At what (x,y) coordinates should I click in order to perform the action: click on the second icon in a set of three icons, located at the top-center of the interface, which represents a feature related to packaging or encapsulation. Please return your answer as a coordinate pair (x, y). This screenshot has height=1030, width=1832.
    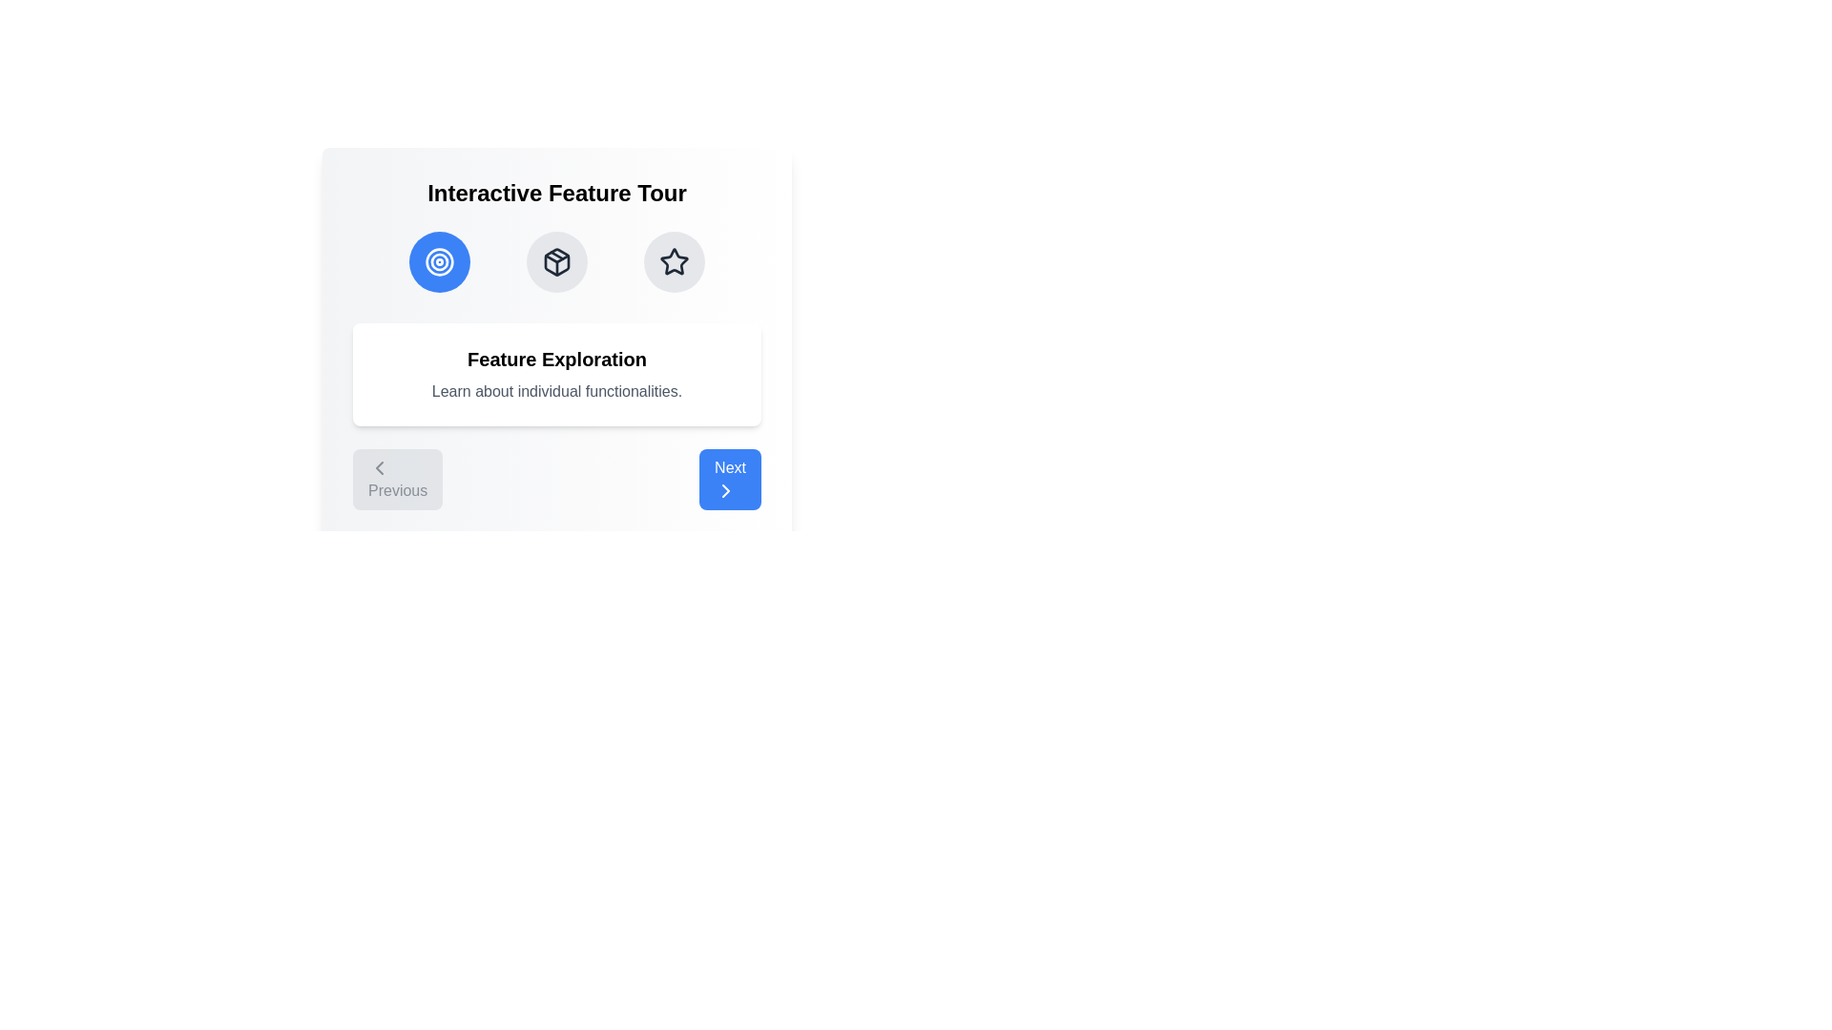
    Looking at the image, I should click on (556, 261).